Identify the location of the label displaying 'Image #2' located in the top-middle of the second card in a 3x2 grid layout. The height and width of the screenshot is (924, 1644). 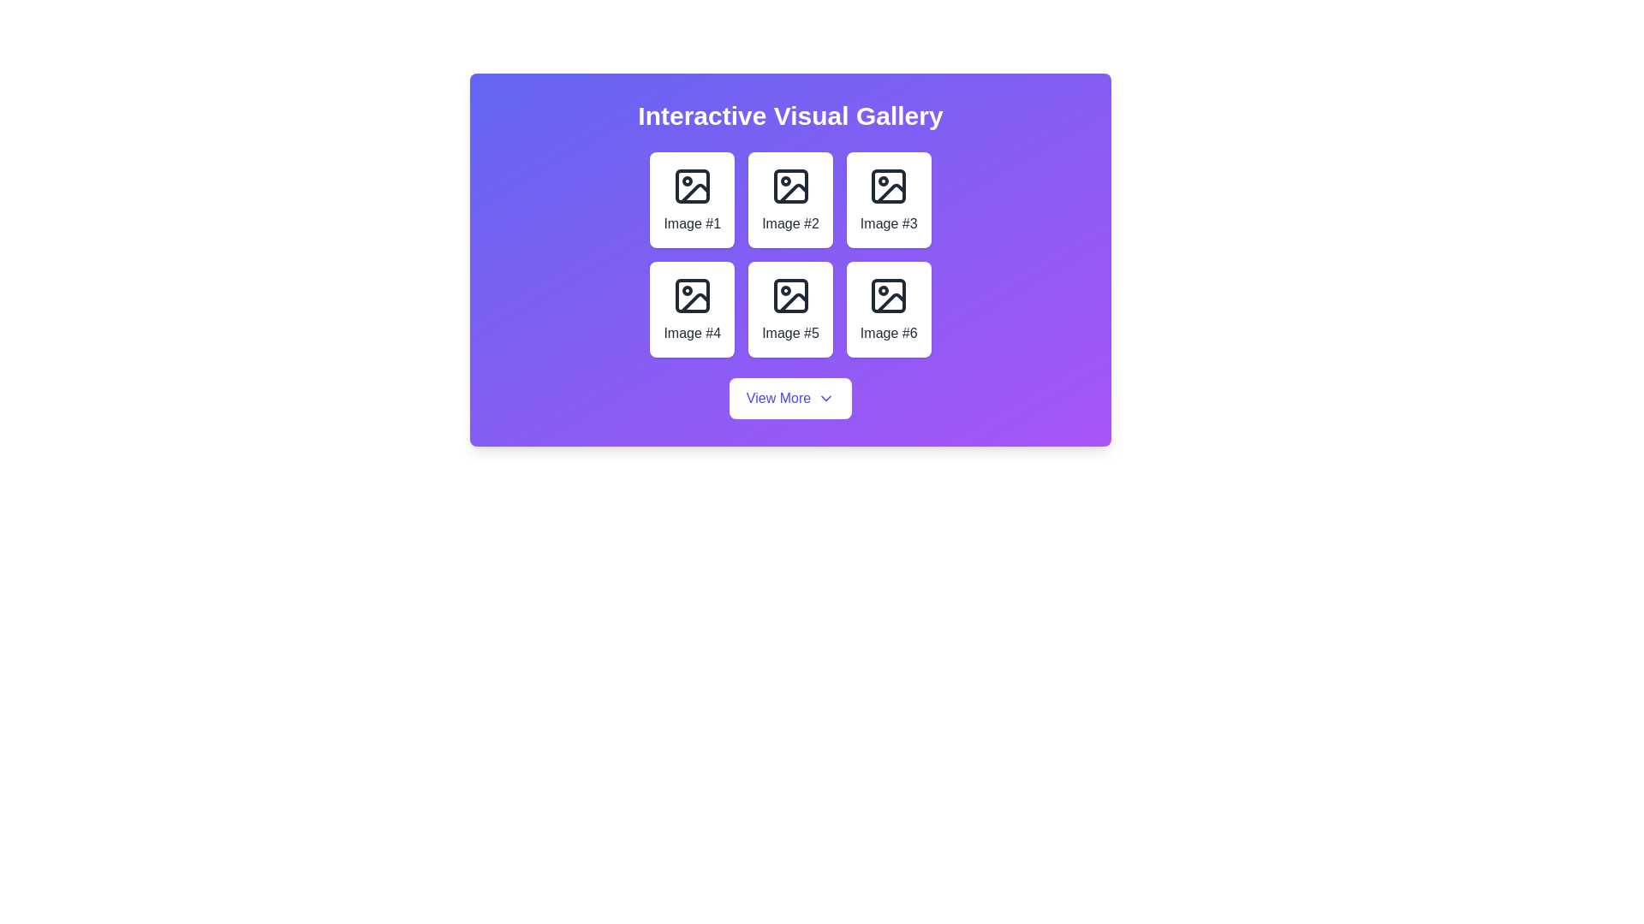
(789, 223).